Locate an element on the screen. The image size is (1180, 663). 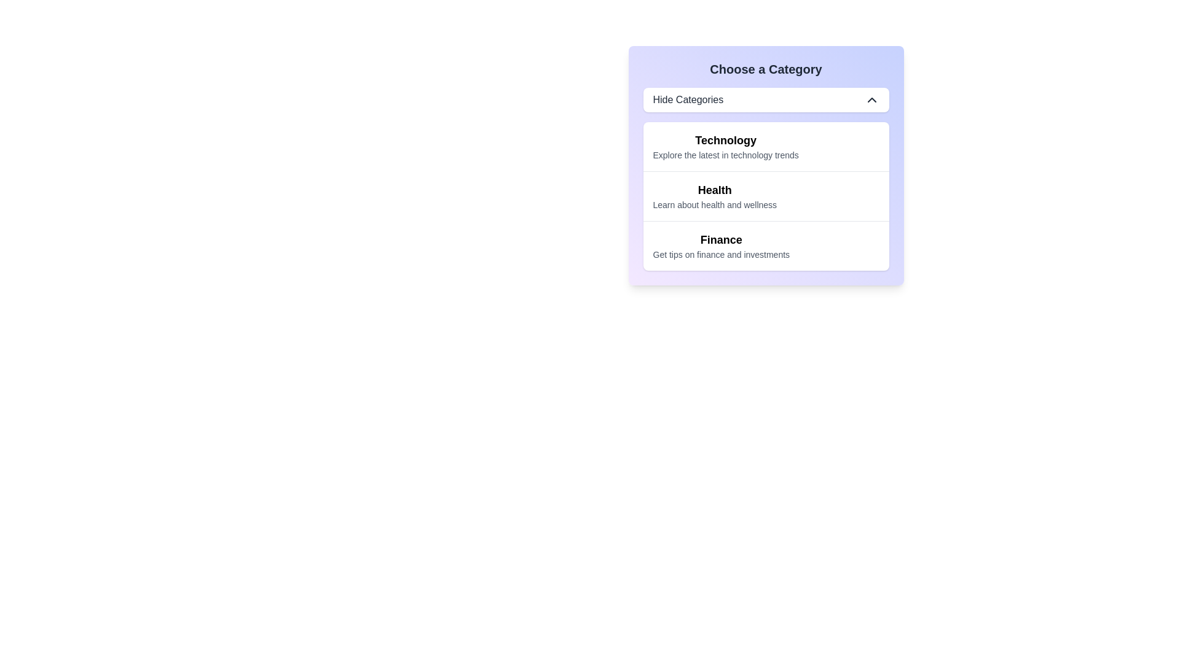
the text component displaying 'Explore the latest in technology trends,' which is positioned below the 'Technology' heading, by clicking on it is located at coordinates (726, 155).